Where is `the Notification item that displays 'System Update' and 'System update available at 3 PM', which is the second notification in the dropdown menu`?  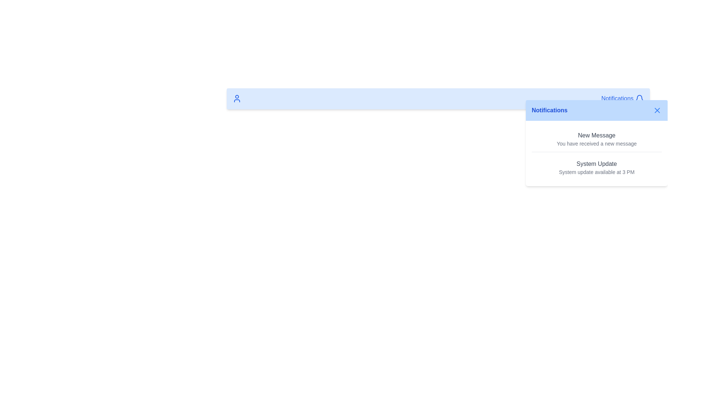
the Notification item that displays 'System Update' and 'System update available at 3 PM', which is the second notification in the dropdown menu is located at coordinates (597, 168).